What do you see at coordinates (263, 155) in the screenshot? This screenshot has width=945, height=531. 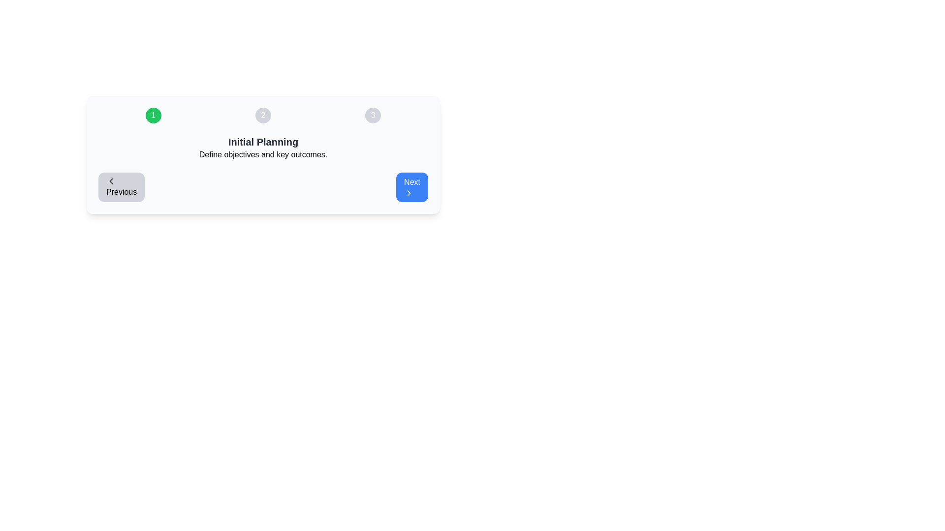 I see `the informative text element located below the 'Initial Planning' heading, which serves as a description for the current step in the process` at bounding box center [263, 155].